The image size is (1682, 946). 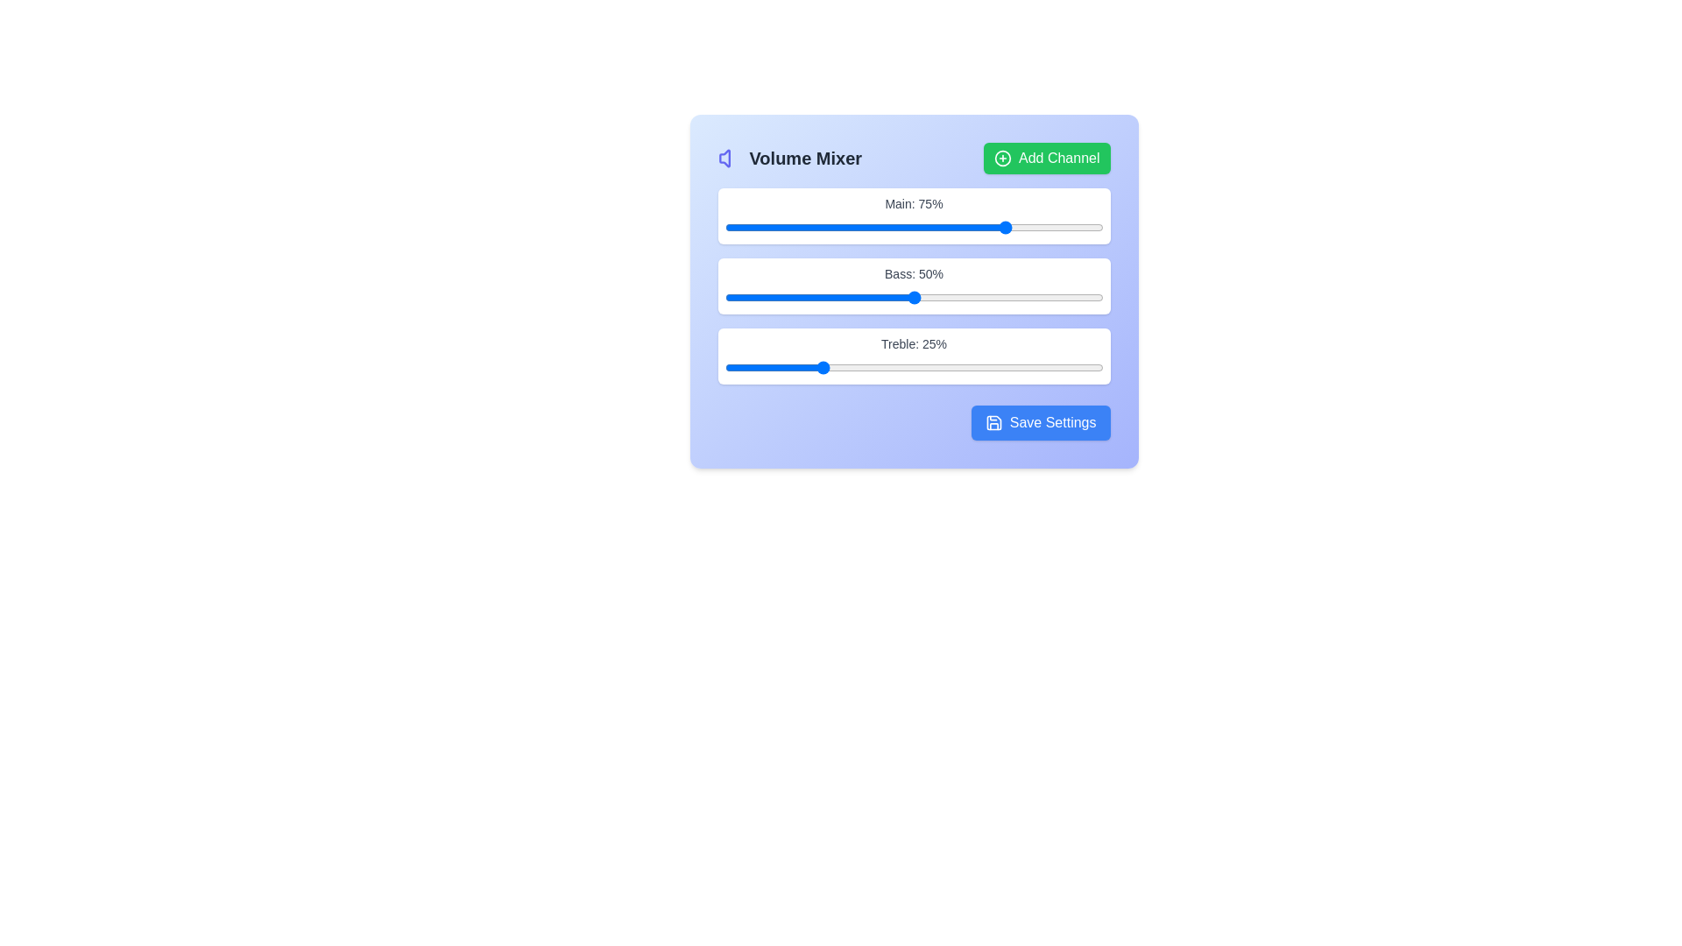 I want to click on bass level, so click(x=1079, y=296).